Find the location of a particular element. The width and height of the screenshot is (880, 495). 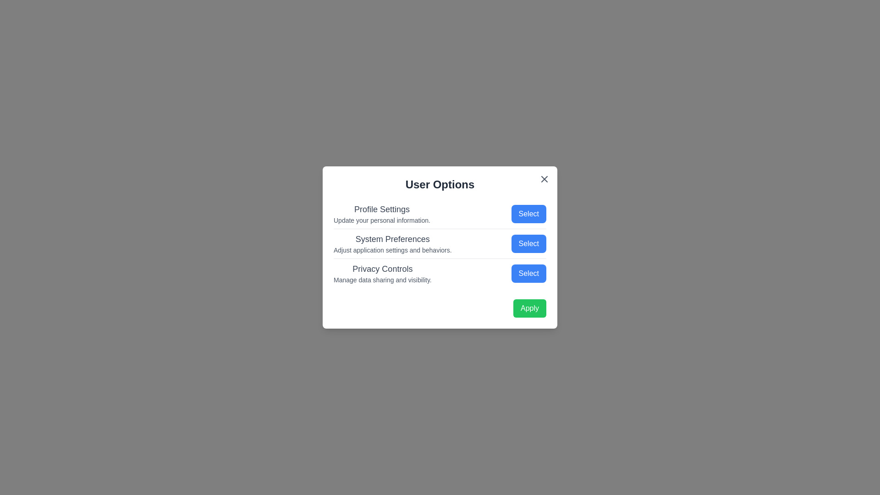

'Select' button corresponding to the Profile Settings option is located at coordinates (528, 214).